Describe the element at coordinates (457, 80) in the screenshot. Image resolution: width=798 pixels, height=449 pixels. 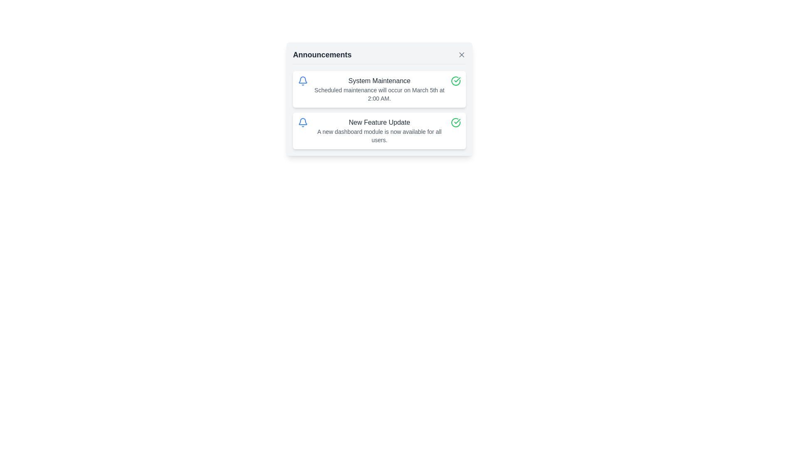
I see `the green check mark icon that confirms the message 'New Feature Update' in the 'Announcements' panel` at that location.